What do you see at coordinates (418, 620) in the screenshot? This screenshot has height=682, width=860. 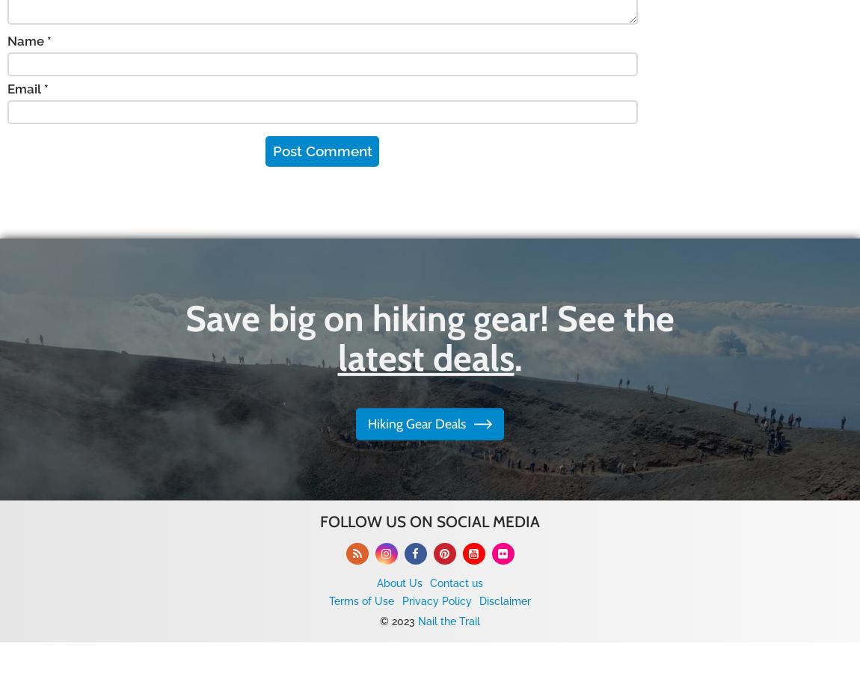 I see `'Nail the Trail'` at bounding box center [418, 620].